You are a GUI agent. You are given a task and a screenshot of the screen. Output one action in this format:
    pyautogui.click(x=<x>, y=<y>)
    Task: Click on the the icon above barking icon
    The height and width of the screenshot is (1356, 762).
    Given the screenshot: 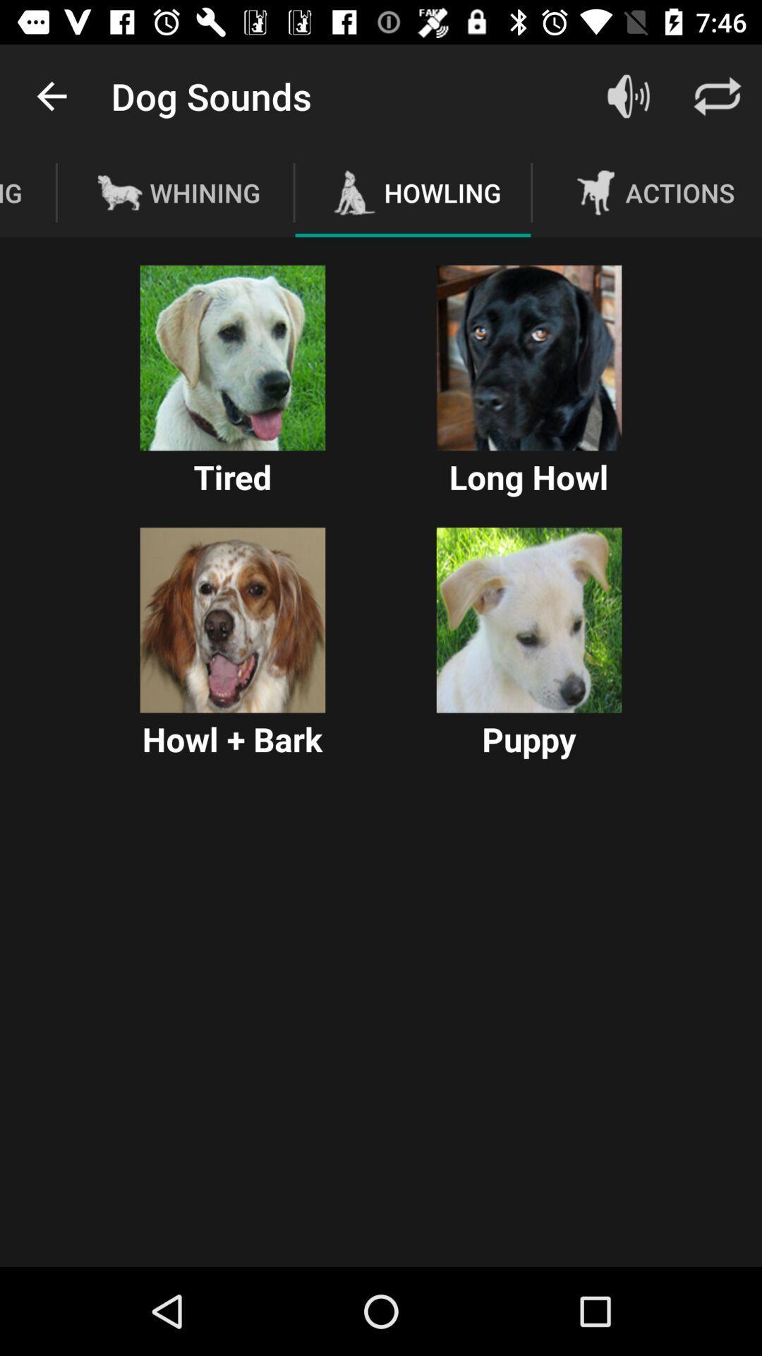 What is the action you would take?
    pyautogui.click(x=51, y=95)
    